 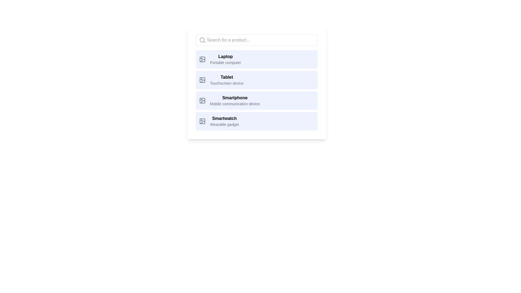 What do you see at coordinates (202, 121) in the screenshot?
I see `the graphical icon or placeholder for the Smartwatch entry, located` at bounding box center [202, 121].